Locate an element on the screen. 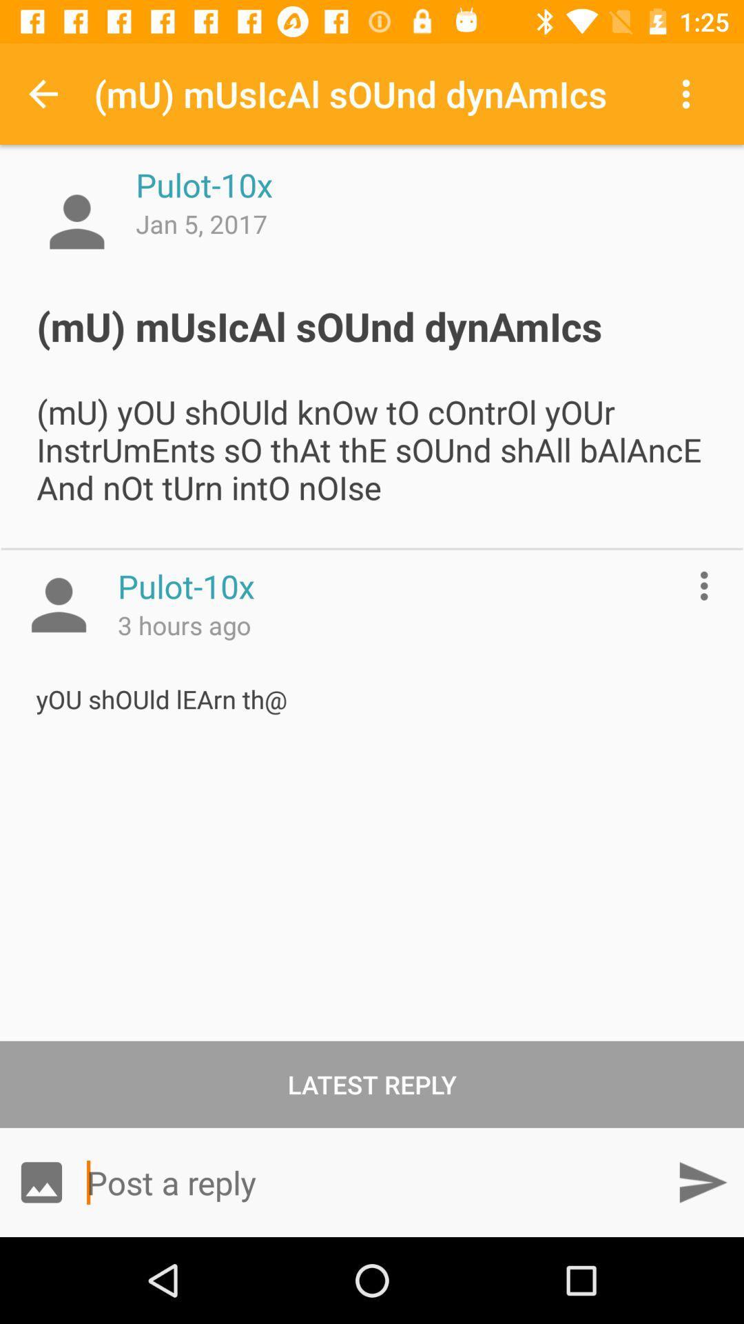  profile picture is located at coordinates (76, 221).